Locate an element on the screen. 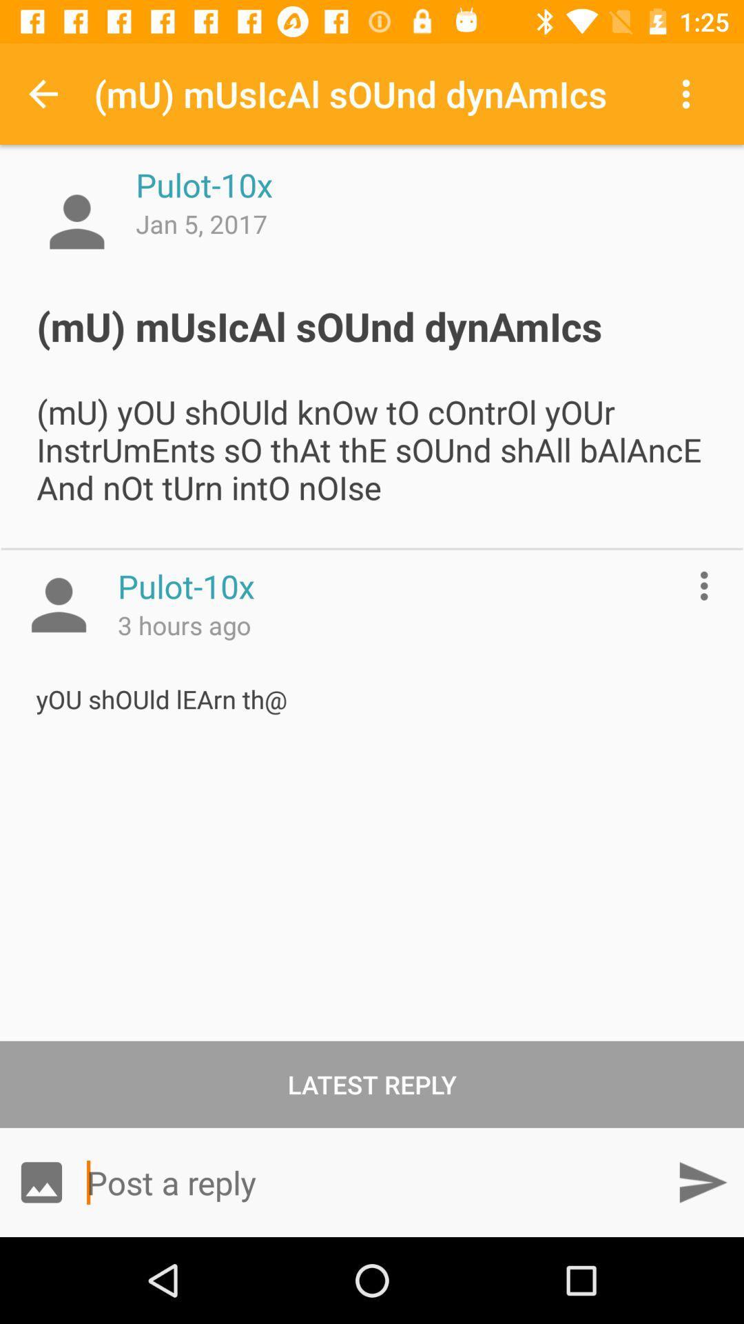  profile picture is located at coordinates (76, 221).